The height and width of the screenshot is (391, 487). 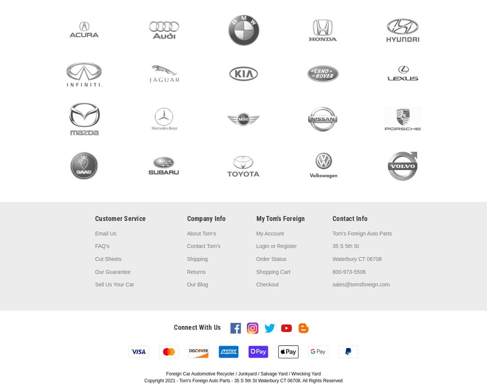 What do you see at coordinates (273, 246) in the screenshot?
I see `'or'` at bounding box center [273, 246].